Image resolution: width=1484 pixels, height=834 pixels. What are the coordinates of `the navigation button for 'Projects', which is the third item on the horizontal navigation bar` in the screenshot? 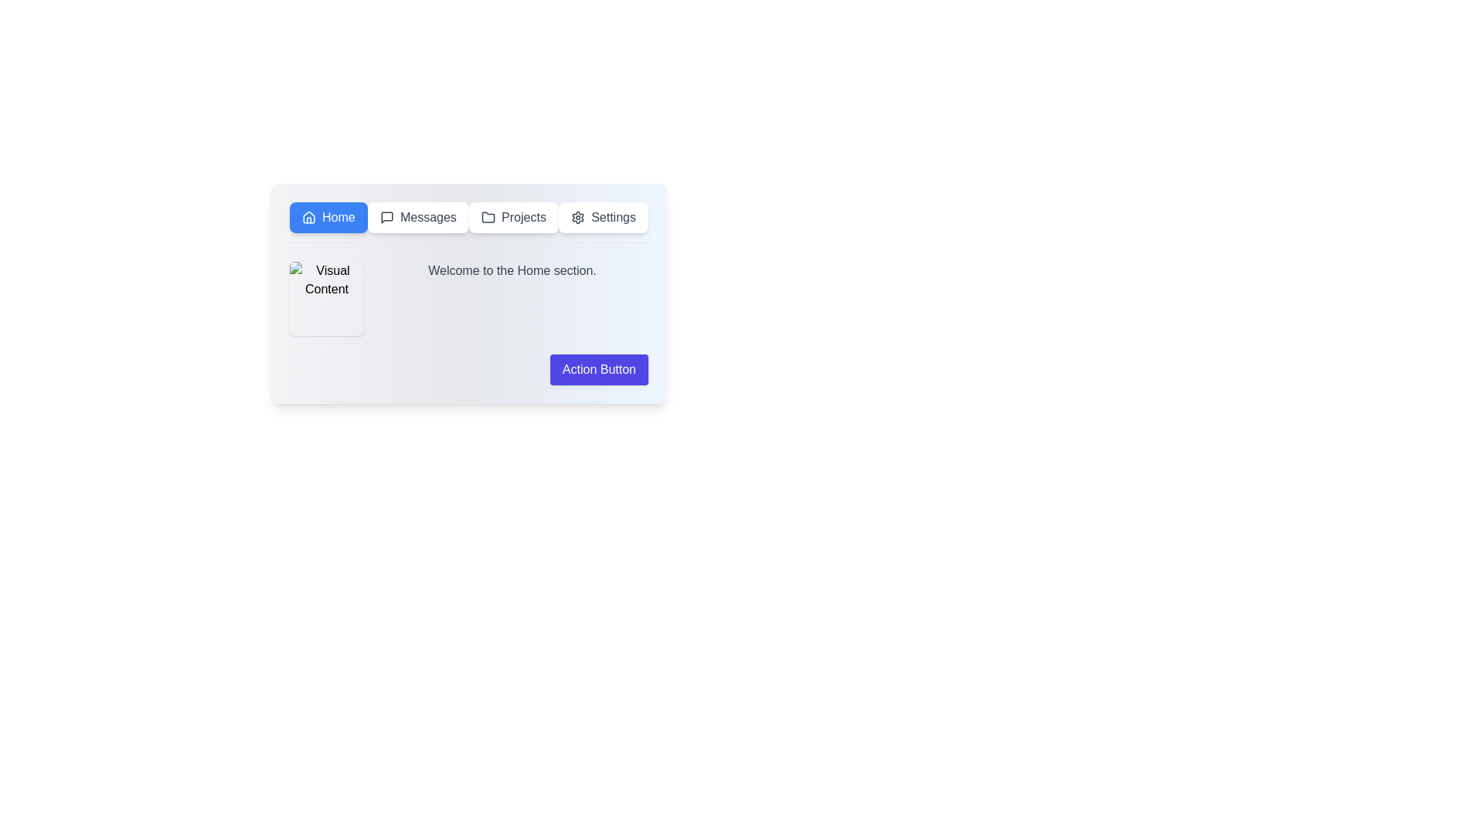 It's located at (514, 217).